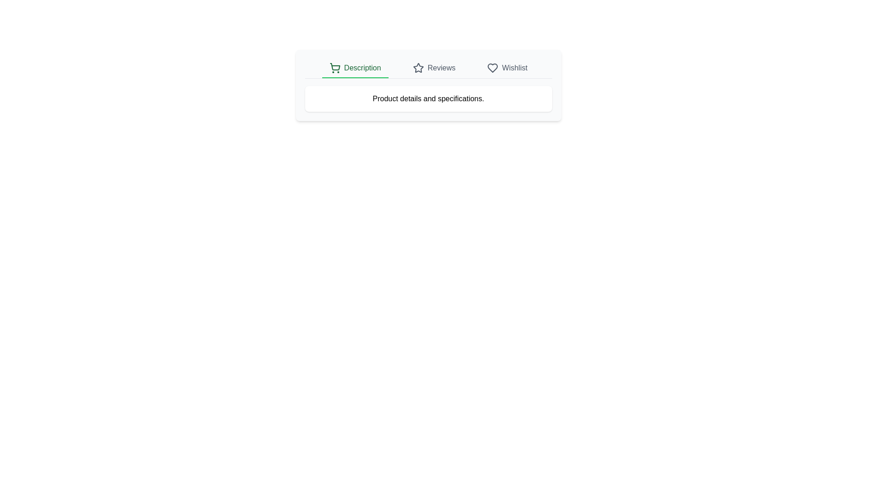  What do you see at coordinates (354, 68) in the screenshot?
I see `the tab corresponding to Description to view its content` at bounding box center [354, 68].